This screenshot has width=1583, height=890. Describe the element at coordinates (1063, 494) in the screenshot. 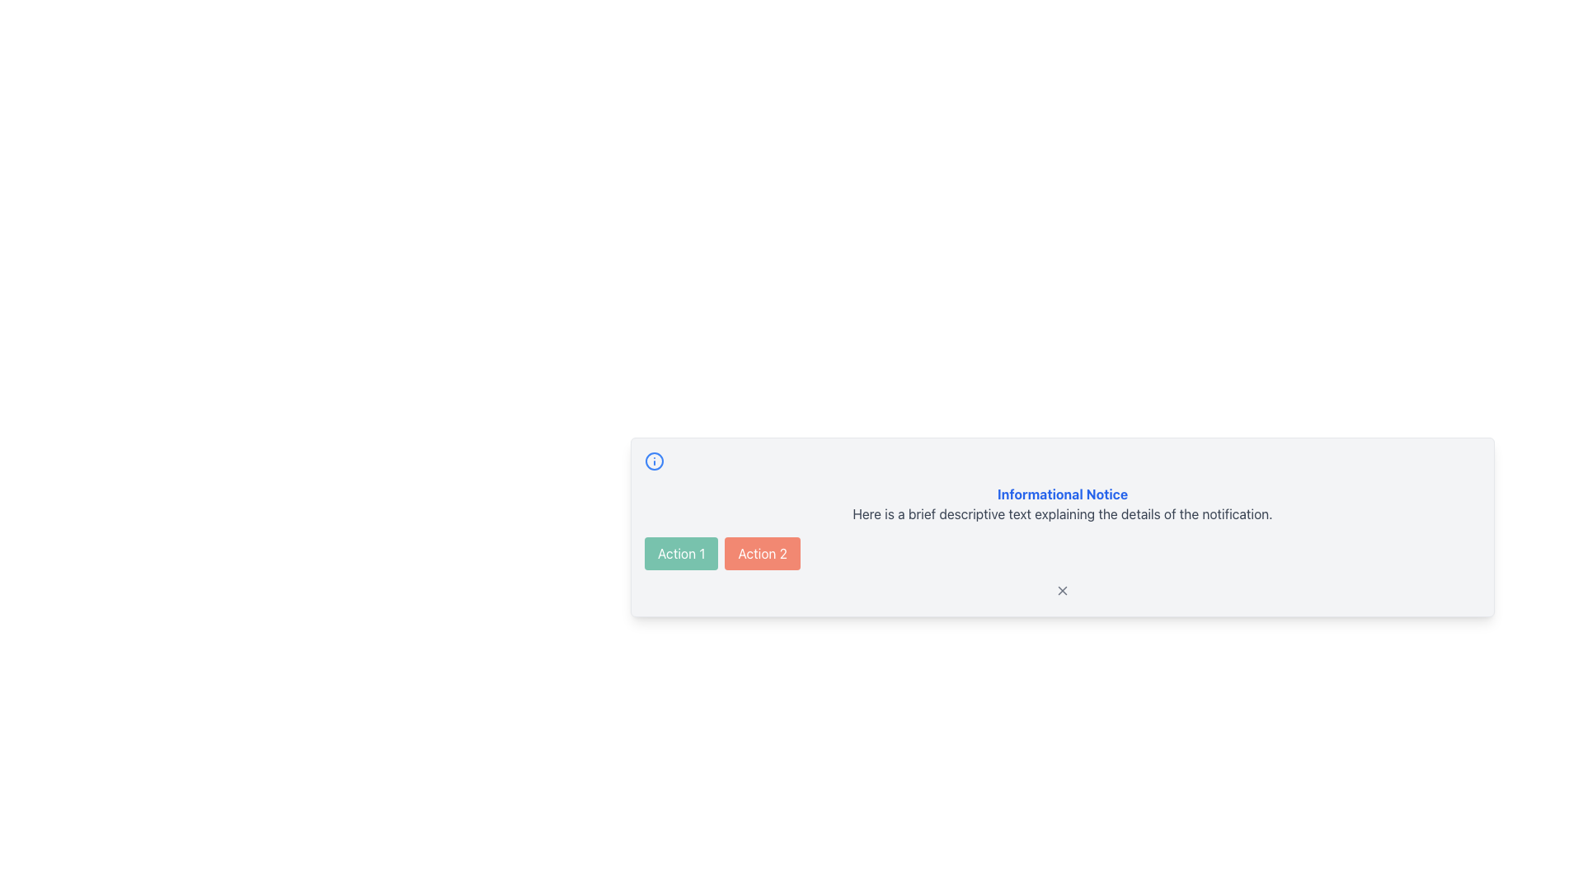

I see `the Text Header element that serves as the title of a notification or informational section, located above the descriptive text` at that location.